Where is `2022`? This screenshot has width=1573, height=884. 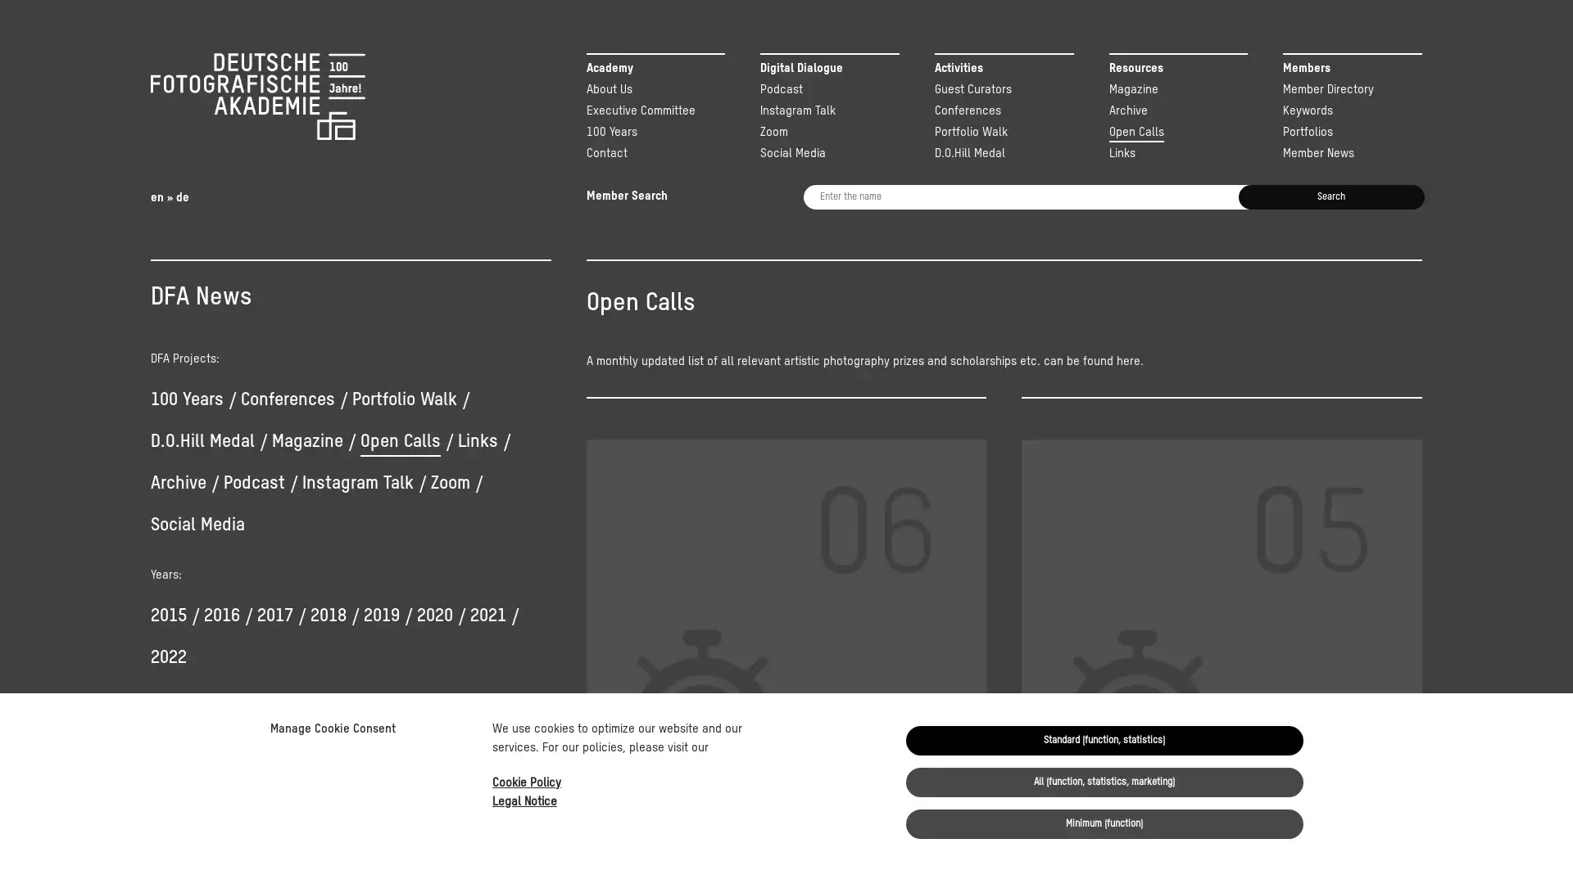
2022 is located at coordinates (169, 656).